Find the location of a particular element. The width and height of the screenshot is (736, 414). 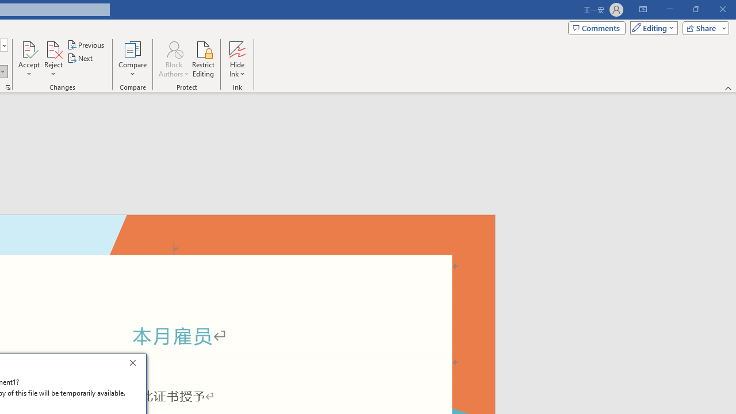

'Comments' is located at coordinates (597, 27).